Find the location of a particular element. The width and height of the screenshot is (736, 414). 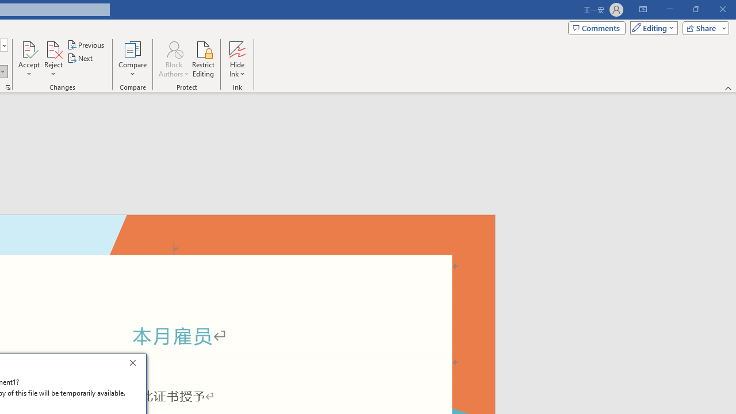

'Comments' is located at coordinates (597, 27).